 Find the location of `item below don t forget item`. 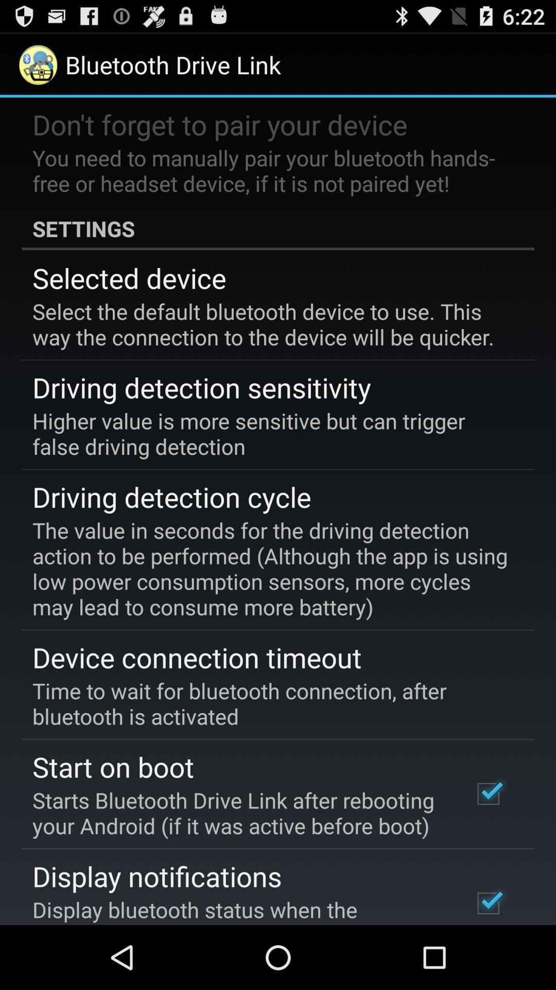

item below don t forget item is located at coordinates (270, 170).